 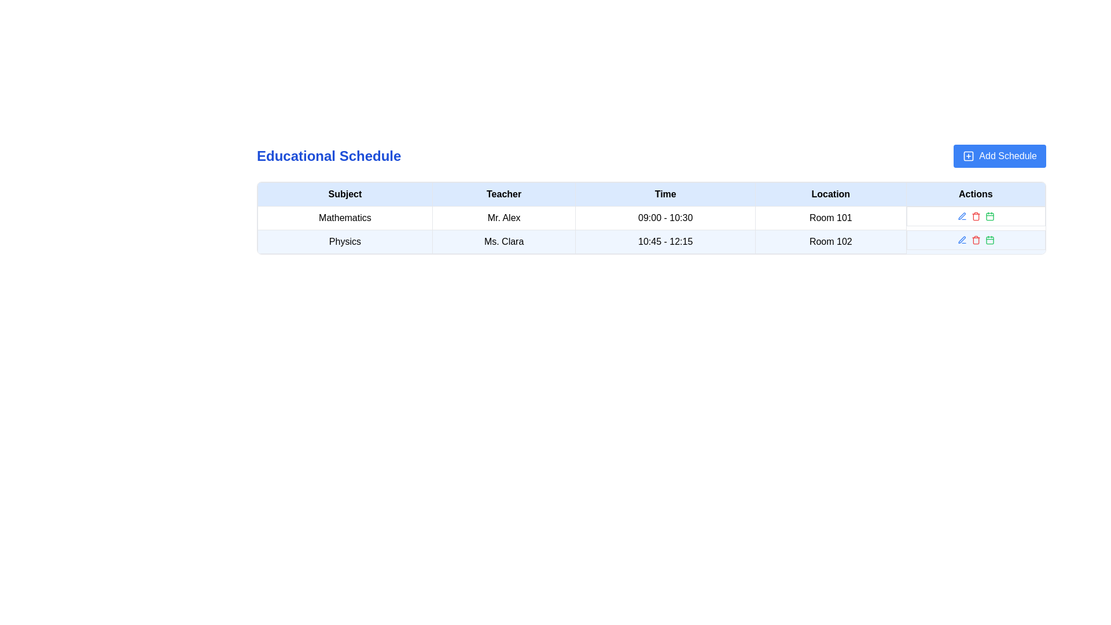 I want to click on label of the third column header in the table, which displays time-related data, located between 'Teacher' and 'Location', so click(x=665, y=193).